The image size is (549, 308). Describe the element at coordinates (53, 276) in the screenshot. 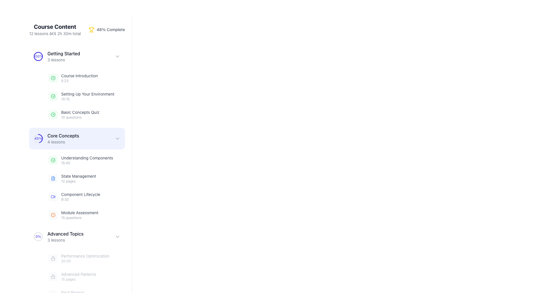

I see `the lock icon with a gray stroke-based outline located in the Advanced Topics section under Performance Optimization` at that location.